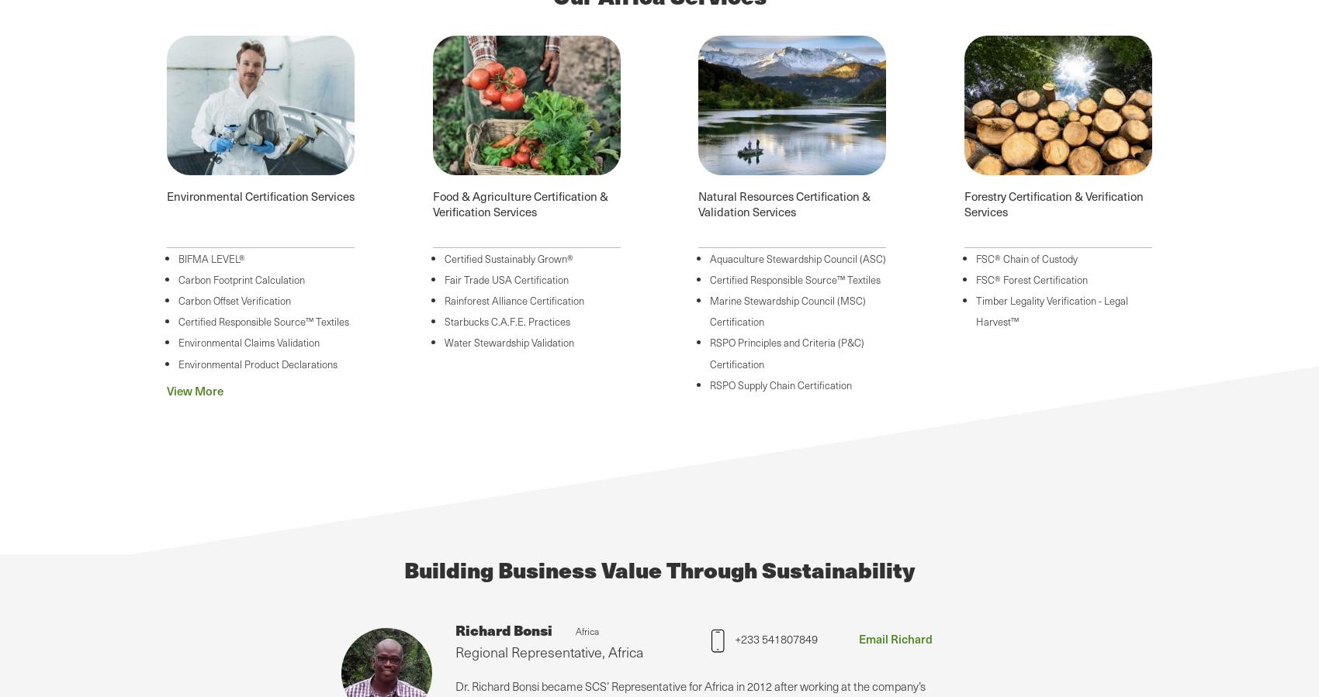 This screenshot has height=697, width=1319. I want to click on 'FSC® Forest Certification', so click(1031, 278).